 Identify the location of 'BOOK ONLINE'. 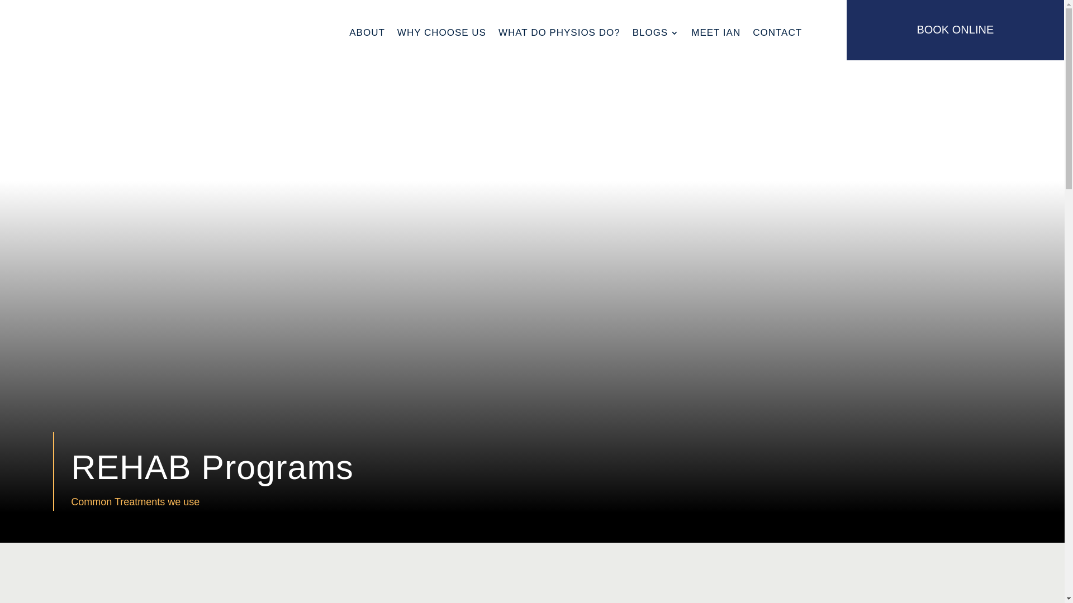
(905, 29).